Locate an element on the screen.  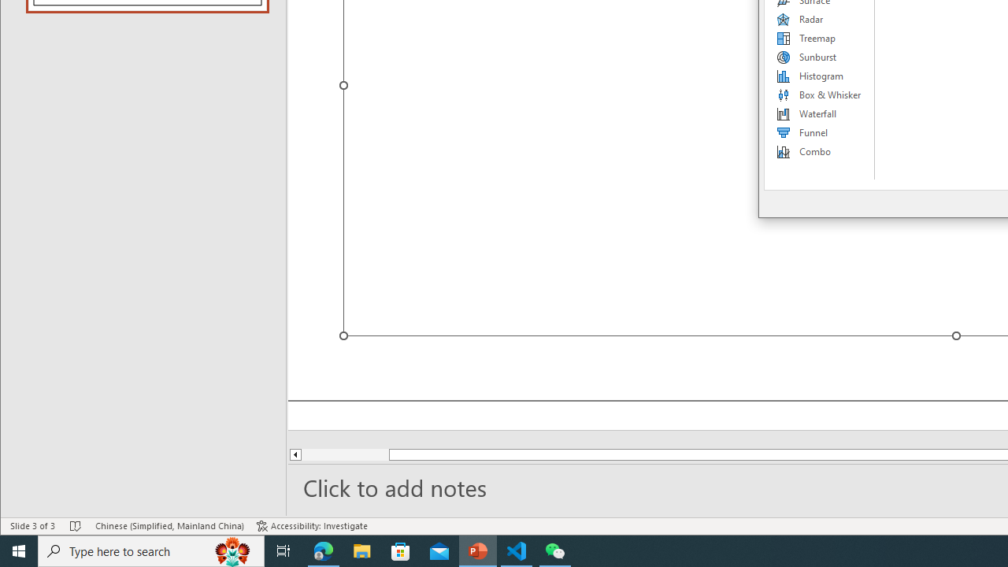
'Treemap' is located at coordinates (819, 37).